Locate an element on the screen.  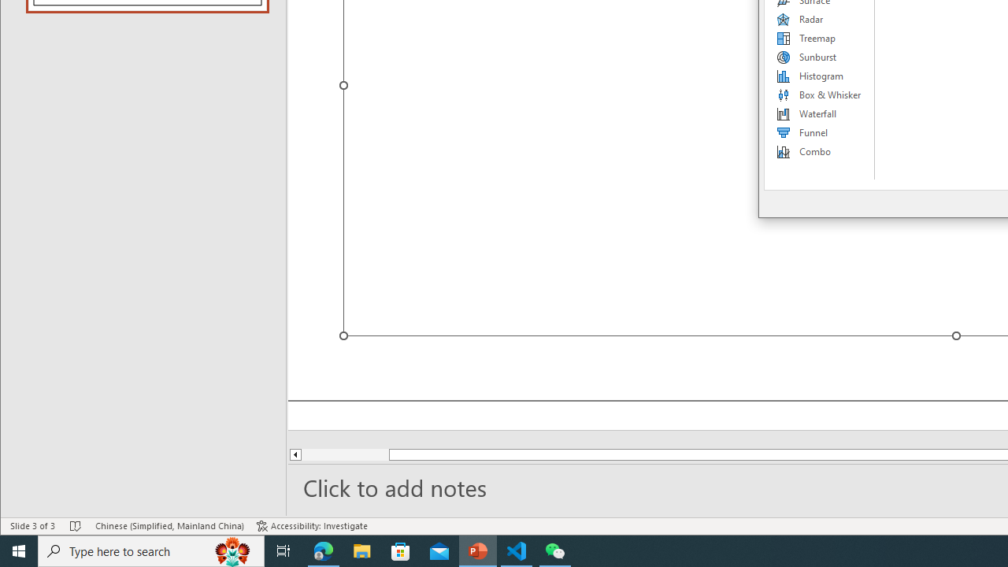
'Treemap' is located at coordinates (819, 37).